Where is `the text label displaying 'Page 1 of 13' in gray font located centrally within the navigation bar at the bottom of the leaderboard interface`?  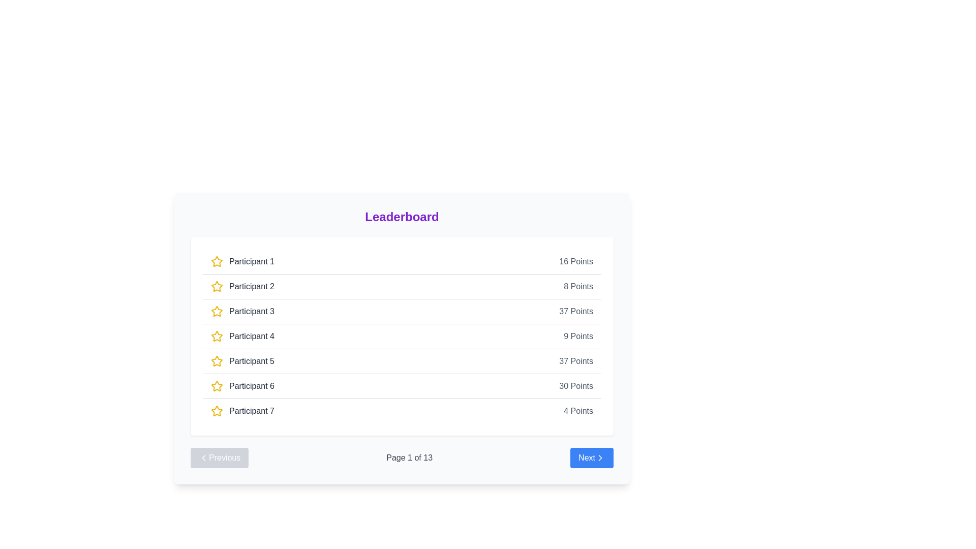 the text label displaying 'Page 1 of 13' in gray font located centrally within the navigation bar at the bottom of the leaderboard interface is located at coordinates (409, 458).